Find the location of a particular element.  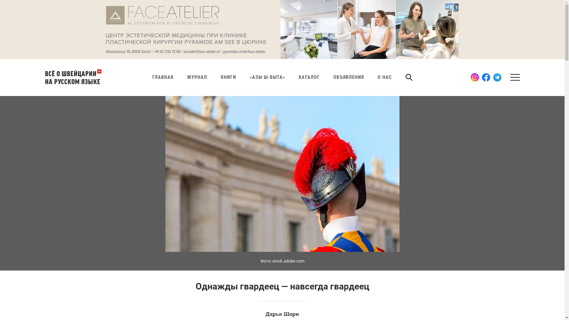

'Toggle navigation' is located at coordinates (514, 77).